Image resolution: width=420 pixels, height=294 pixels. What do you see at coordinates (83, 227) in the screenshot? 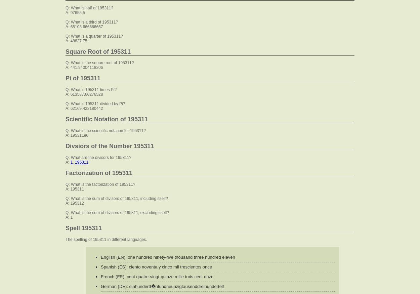
I see `'Spell 195311'` at bounding box center [83, 227].